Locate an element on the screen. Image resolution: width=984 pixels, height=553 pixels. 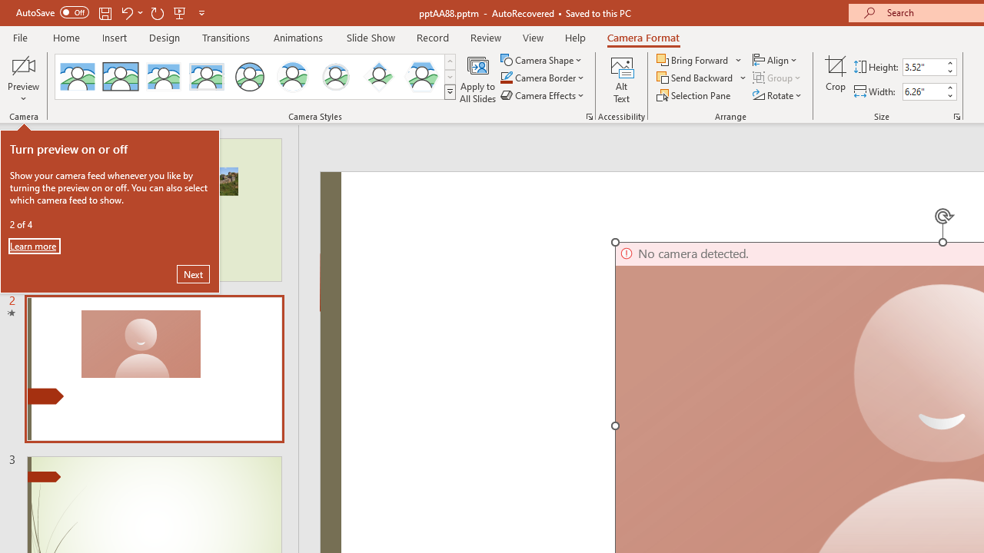
'Rotate' is located at coordinates (778, 95).